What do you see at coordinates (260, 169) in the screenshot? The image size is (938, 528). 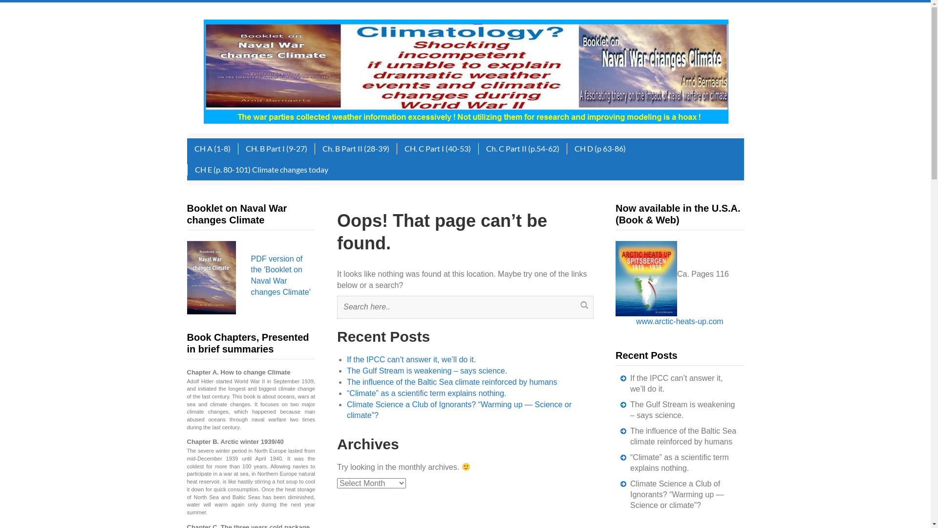 I see `'CH E (p. 80-101) Climate changes today'` at bounding box center [260, 169].